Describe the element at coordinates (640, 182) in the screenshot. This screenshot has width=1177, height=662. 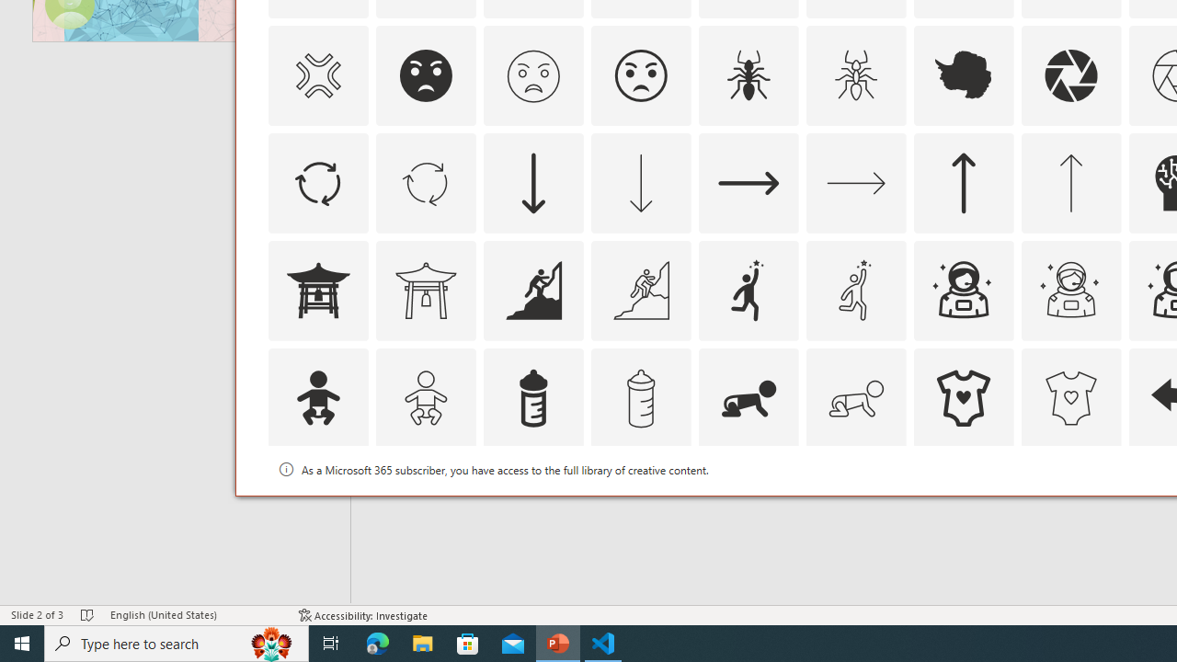
I see `'AutomationID: Icons_ArrowDown_M'` at that location.